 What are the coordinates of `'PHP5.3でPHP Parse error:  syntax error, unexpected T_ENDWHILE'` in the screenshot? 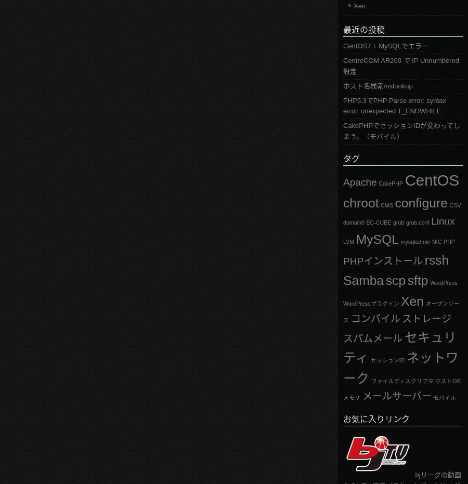 It's located at (343, 105).